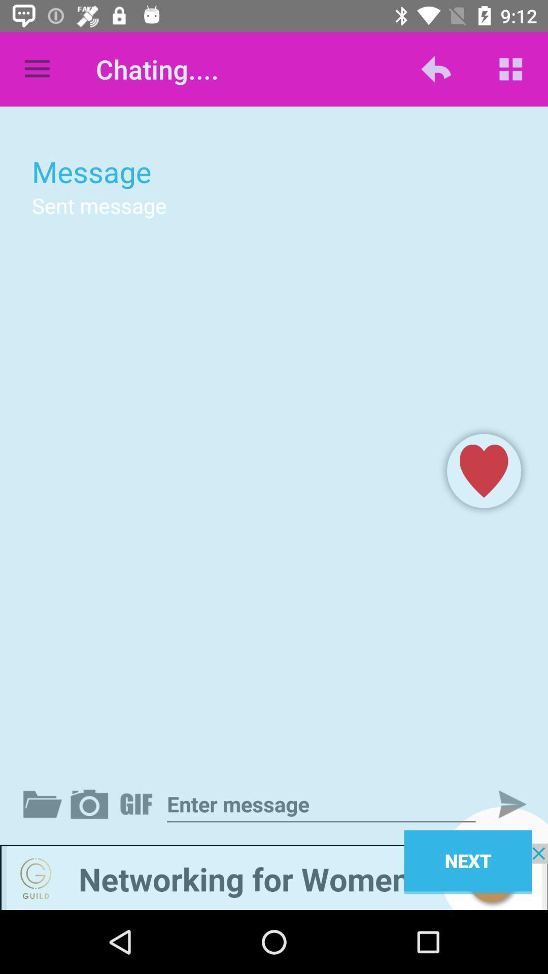  Describe the element at coordinates (138, 804) in the screenshot. I see `the sliders icon` at that location.